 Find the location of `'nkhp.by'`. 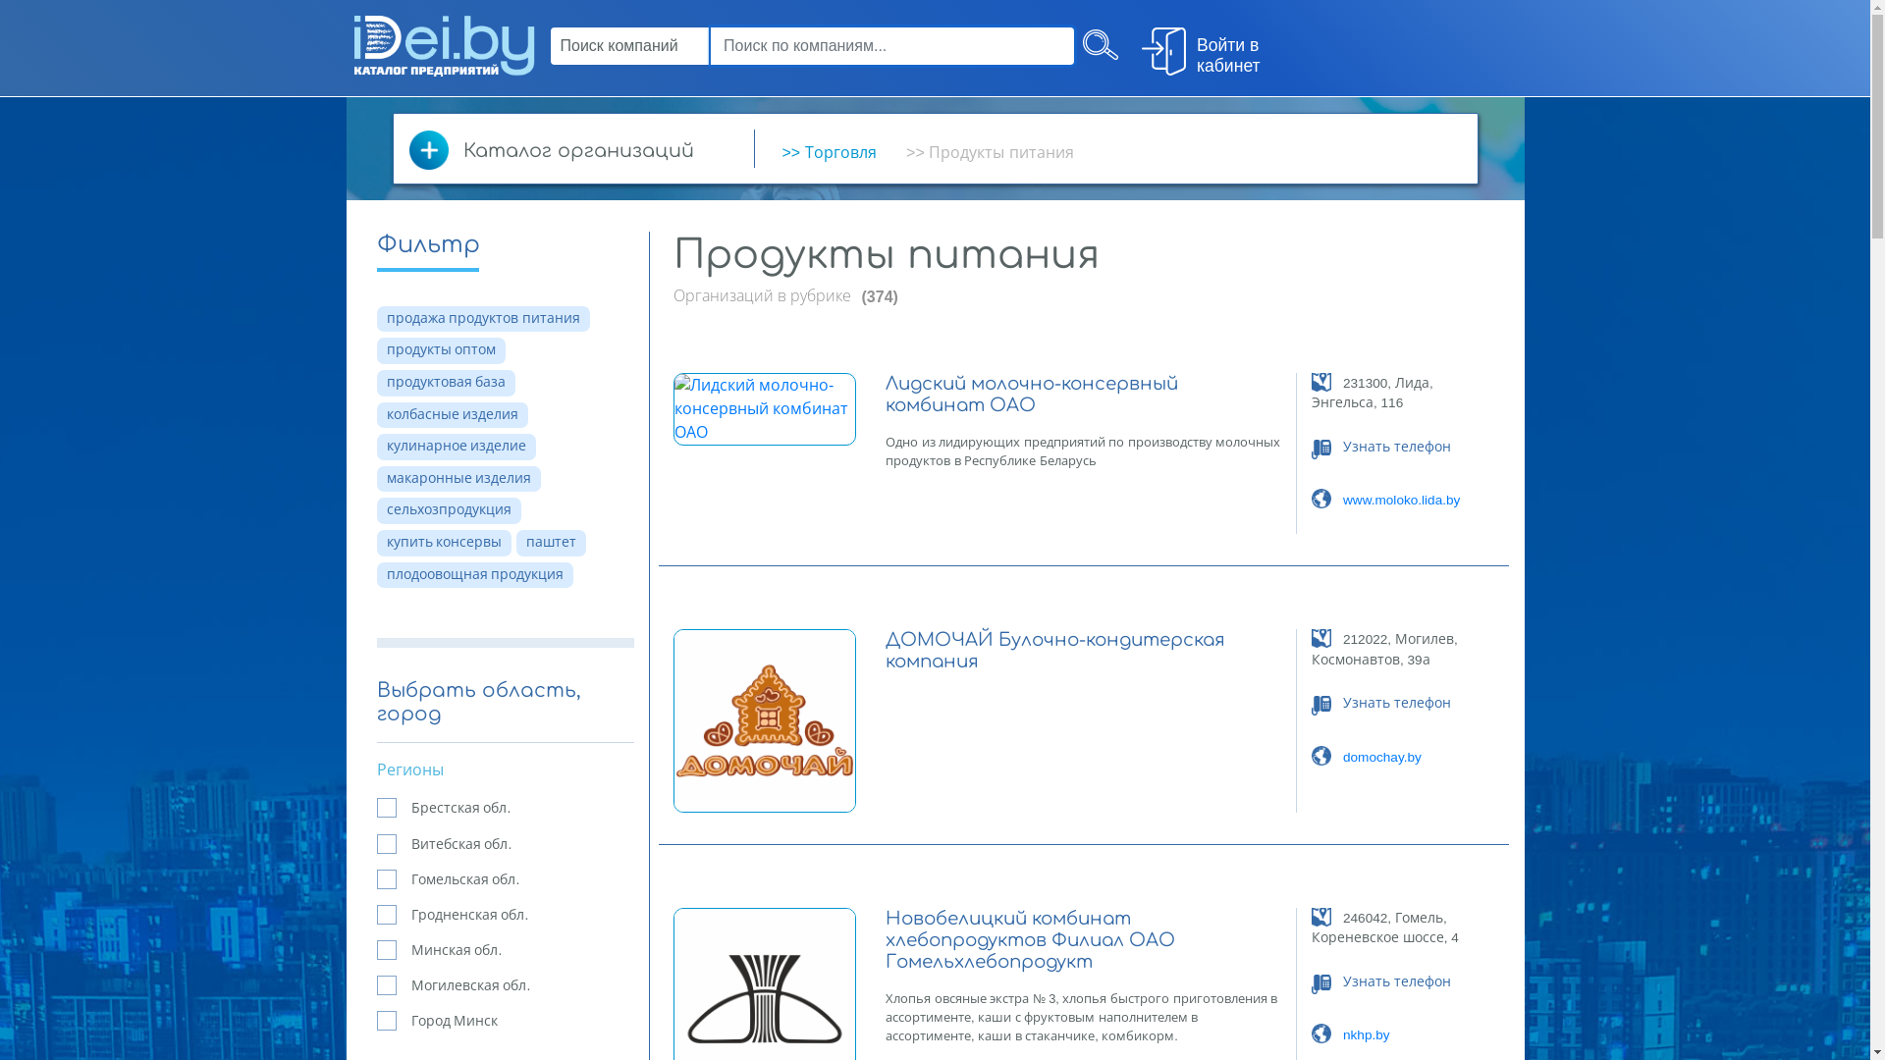

'nkhp.by' is located at coordinates (1366, 1033).